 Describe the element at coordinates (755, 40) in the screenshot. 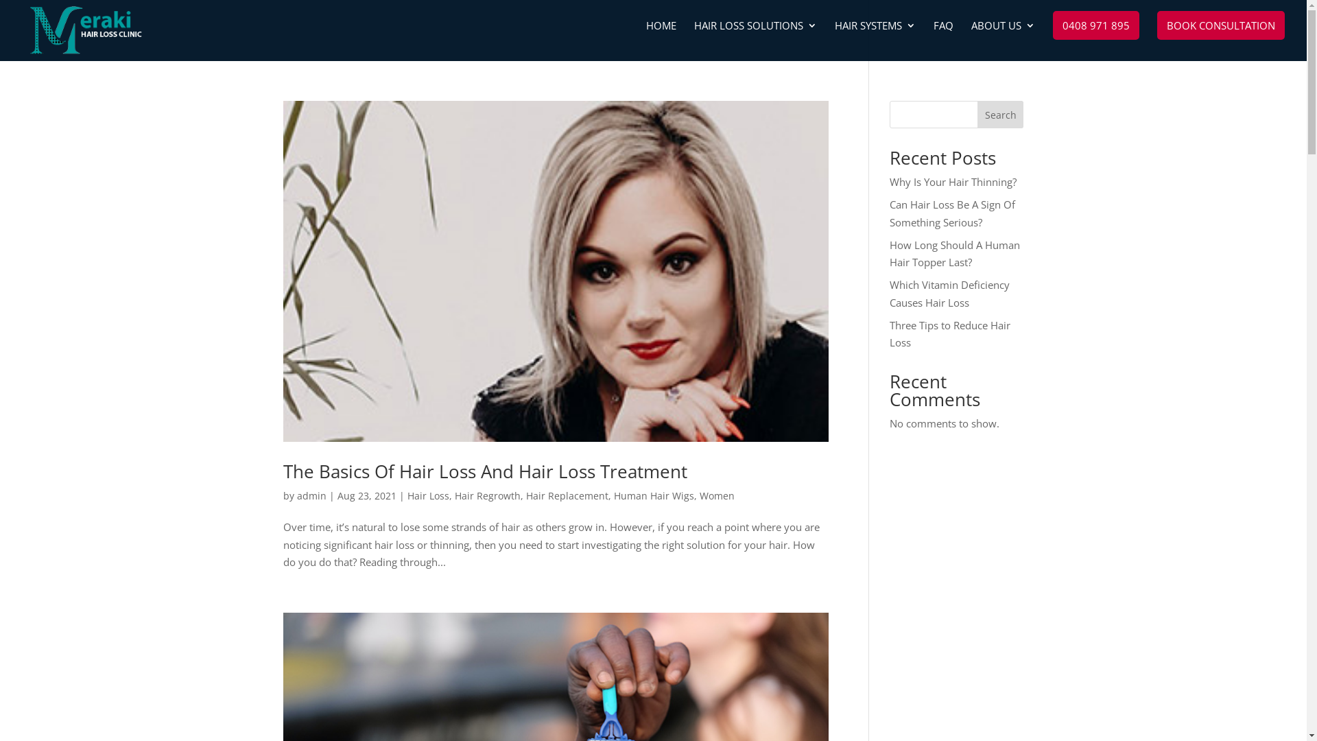

I see `'HAIR LOSS SOLUTIONS'` at that location.